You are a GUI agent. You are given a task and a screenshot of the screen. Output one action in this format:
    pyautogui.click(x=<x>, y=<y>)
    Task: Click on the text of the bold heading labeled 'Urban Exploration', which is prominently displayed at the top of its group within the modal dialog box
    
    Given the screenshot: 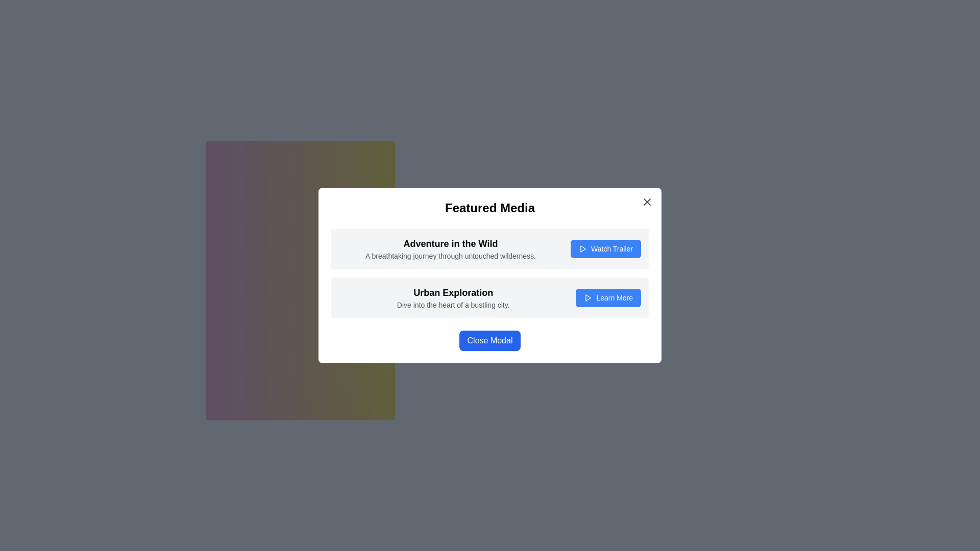 What is the action you would take?
    pyautogui.click(x=453, y=293)
    